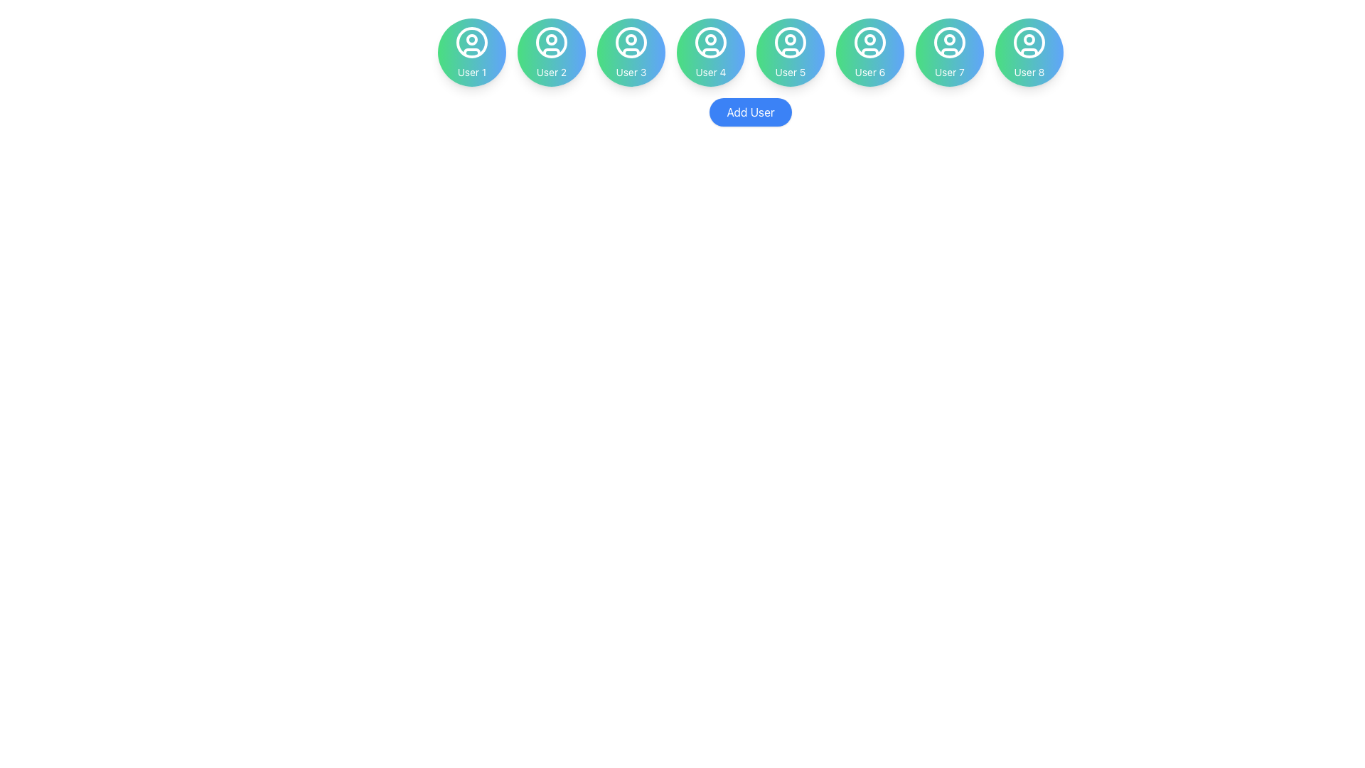  What do you see at coordinates (790, 42) in the screenshot?
I see `the circular user icon with a centered white circle on a gradient background of green and blue hues, located in the fifth position from the left in a horizontal row of user icons` at bounding box center [790, 42].